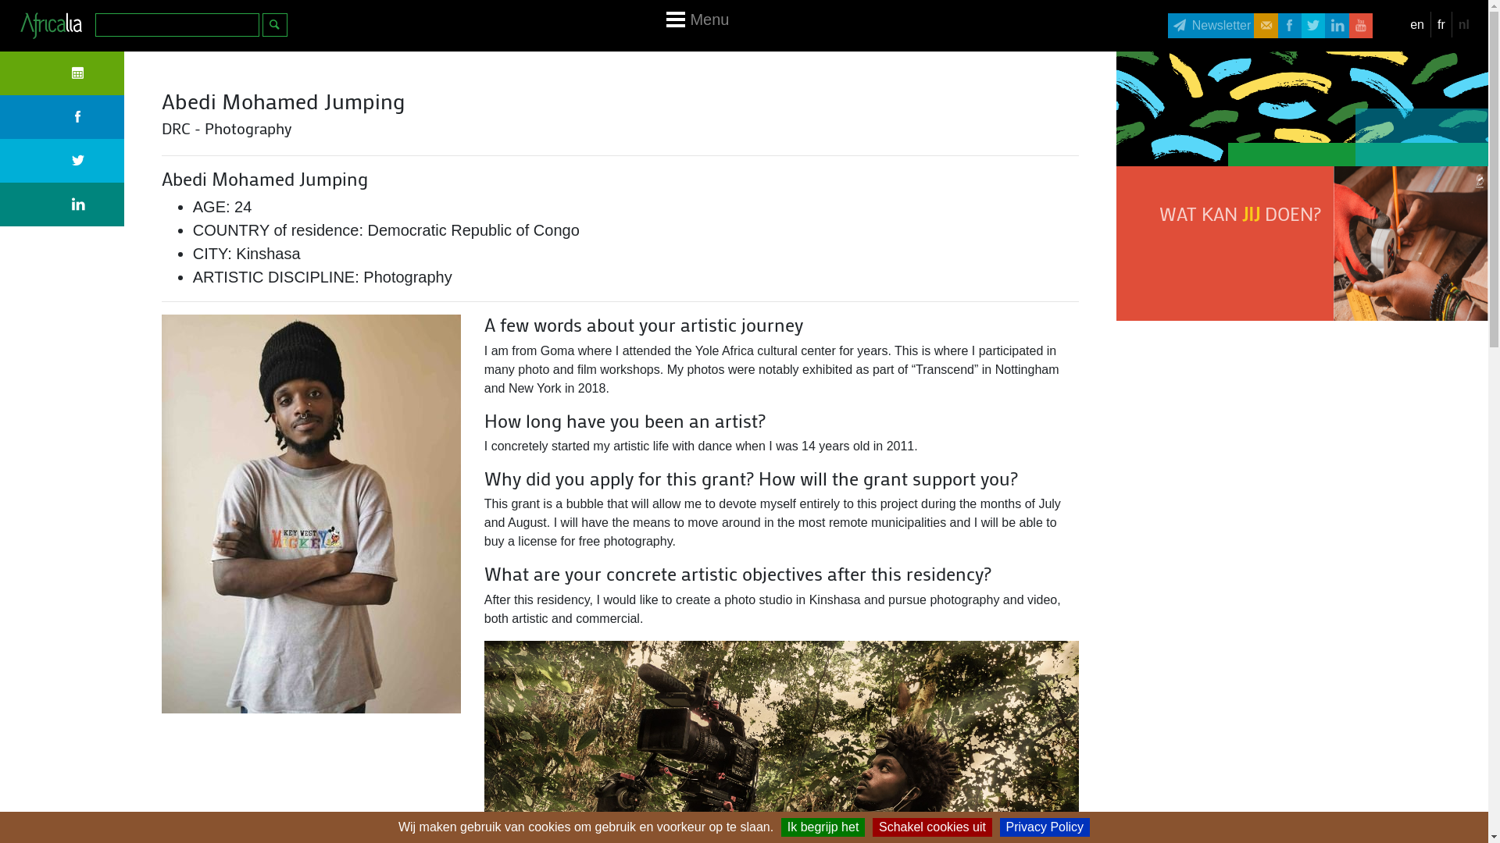 The image size is (1500, 843). What do you see at coordinates (872, 827) in the screenshot?
I see `'Schakel cookies uit'` at bounding box center [872, 827].